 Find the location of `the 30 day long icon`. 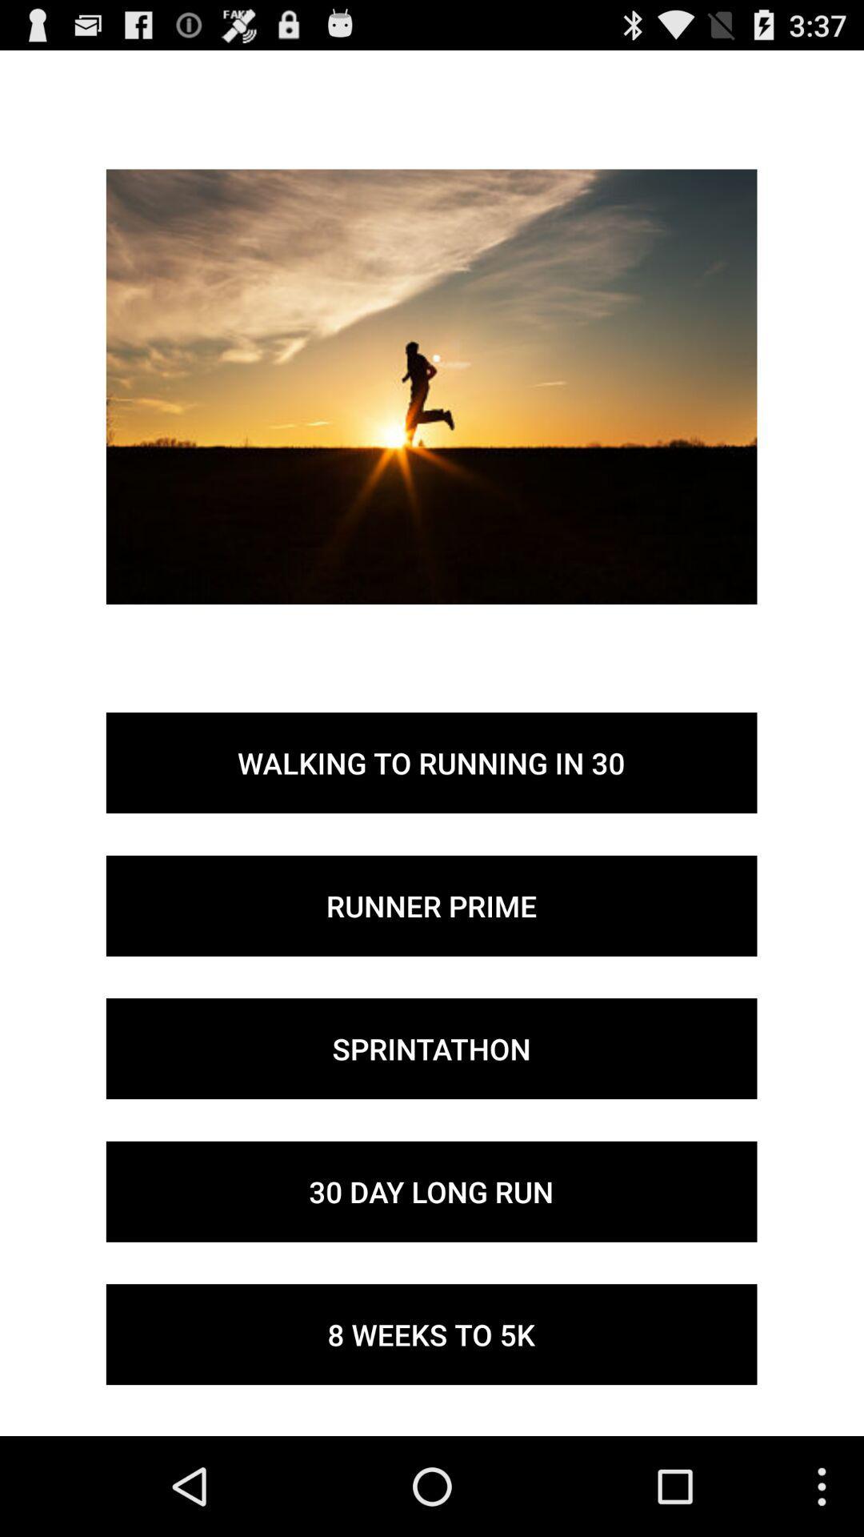

the 30 day long icon is located at coordinates (430, 1191).